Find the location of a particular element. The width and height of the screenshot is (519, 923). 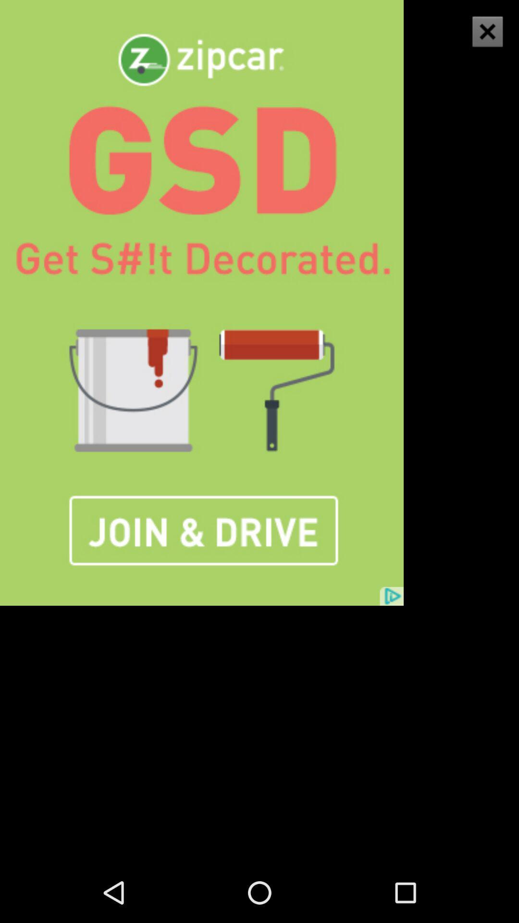

the close icon is located at coordinates (487, 34).